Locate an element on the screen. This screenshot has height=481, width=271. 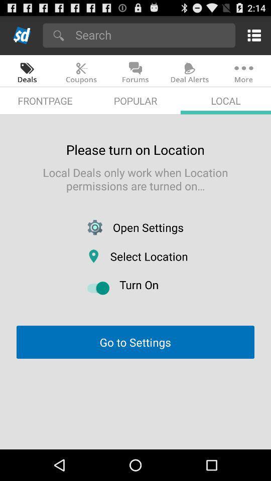
app to the right of the frontpage icon is located at coordinates (135, 101).